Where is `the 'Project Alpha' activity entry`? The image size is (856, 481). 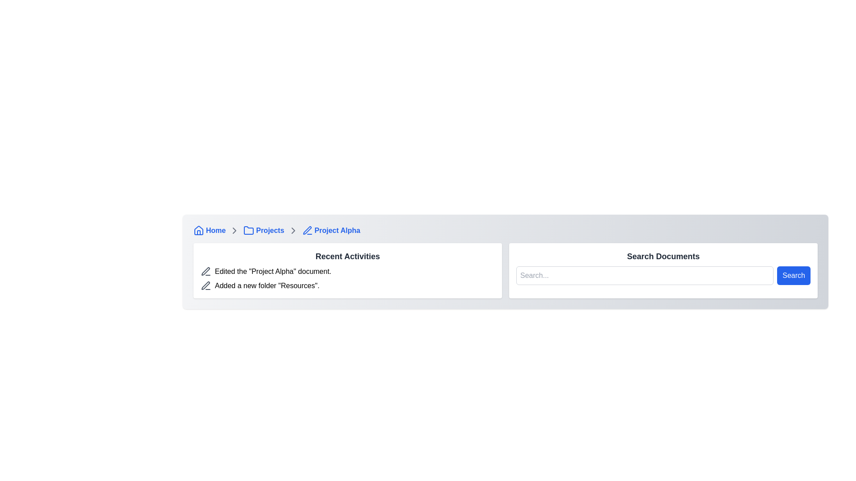
the 'Project Alpha' activity entry is located at coordinates (347, 271).